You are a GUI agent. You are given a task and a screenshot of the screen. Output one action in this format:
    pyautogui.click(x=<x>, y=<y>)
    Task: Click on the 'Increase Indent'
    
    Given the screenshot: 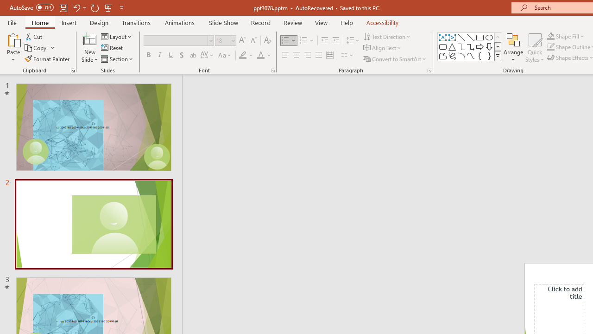 What is the action you would take?
    pyautogui.click(x=335, y=40)
    